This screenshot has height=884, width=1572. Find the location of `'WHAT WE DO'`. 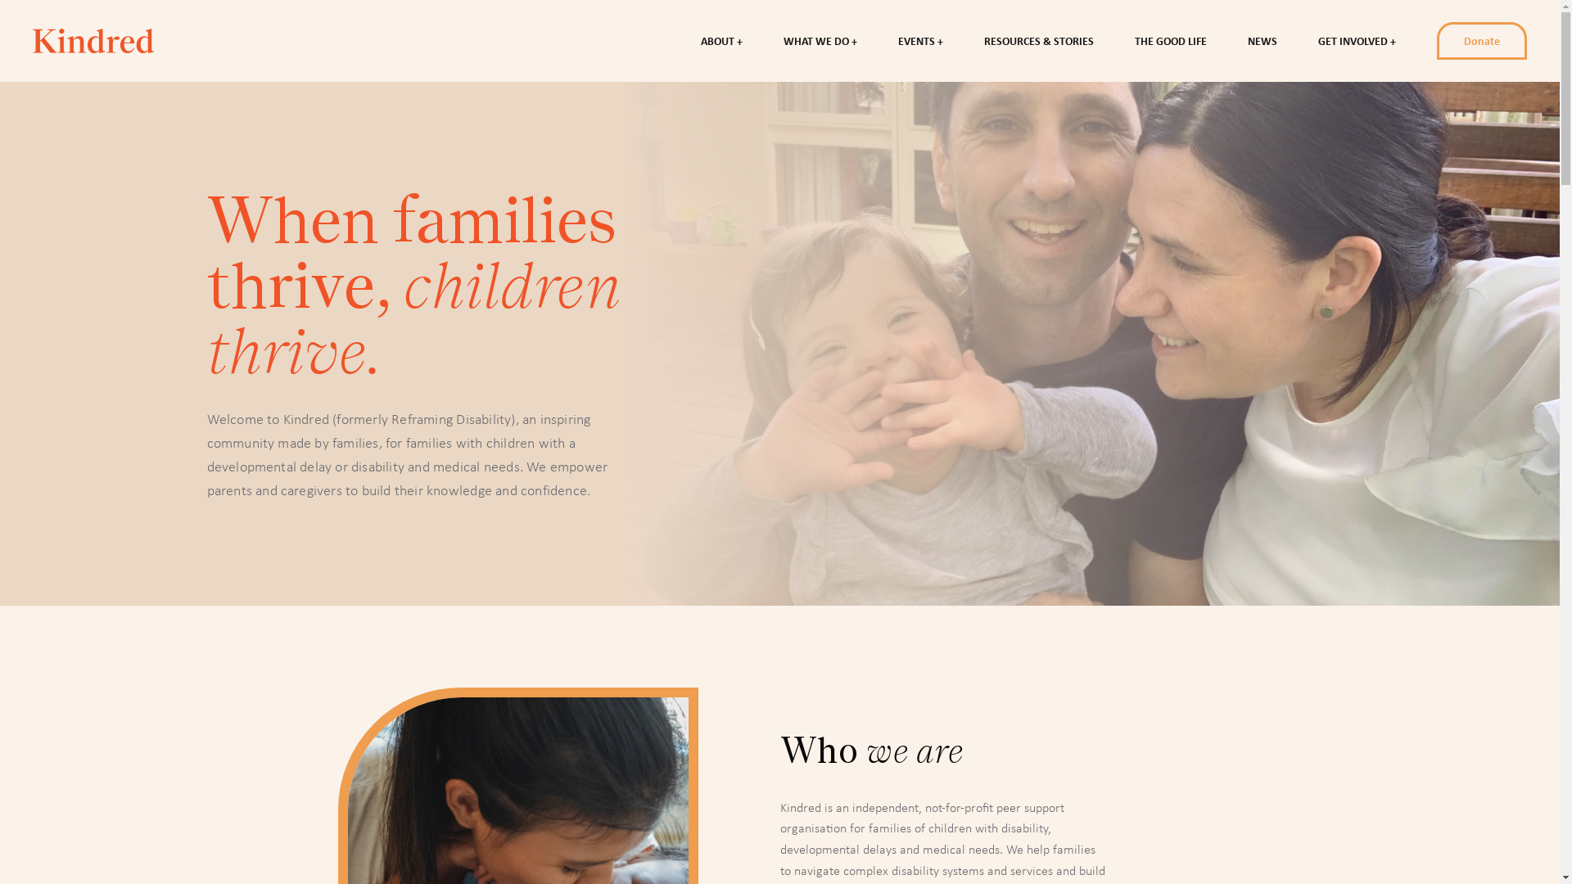

'WHAT WE DO' is located at coordinates (782, 40).